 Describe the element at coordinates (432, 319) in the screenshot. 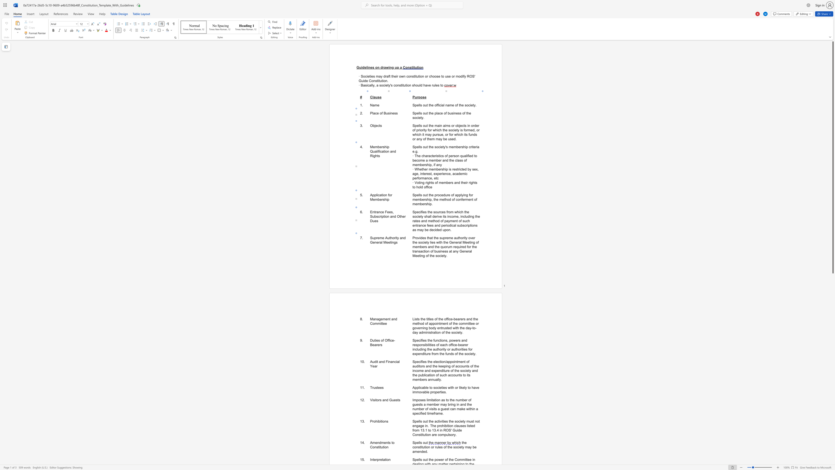

I see `the 3th character "s" in the text` at that location.